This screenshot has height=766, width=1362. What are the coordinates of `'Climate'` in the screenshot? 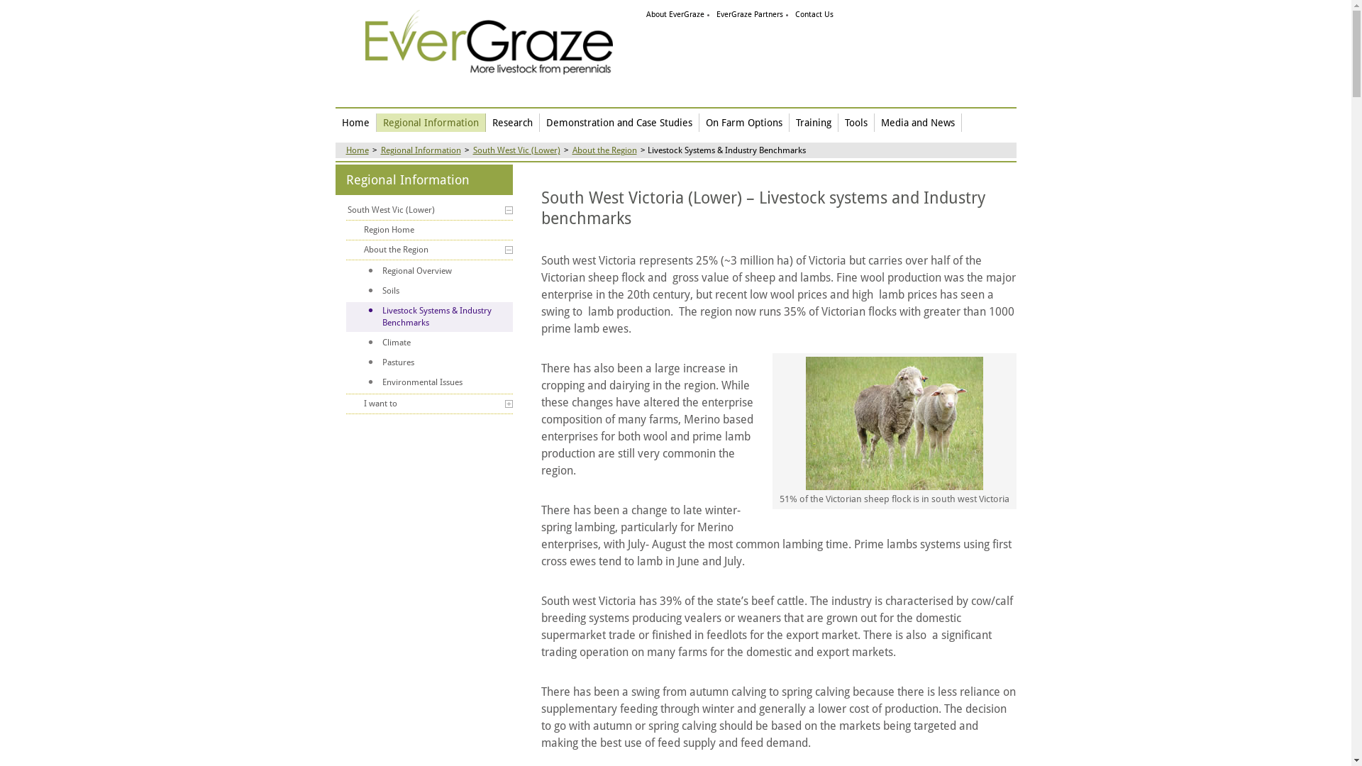 It's located at (428, 343).